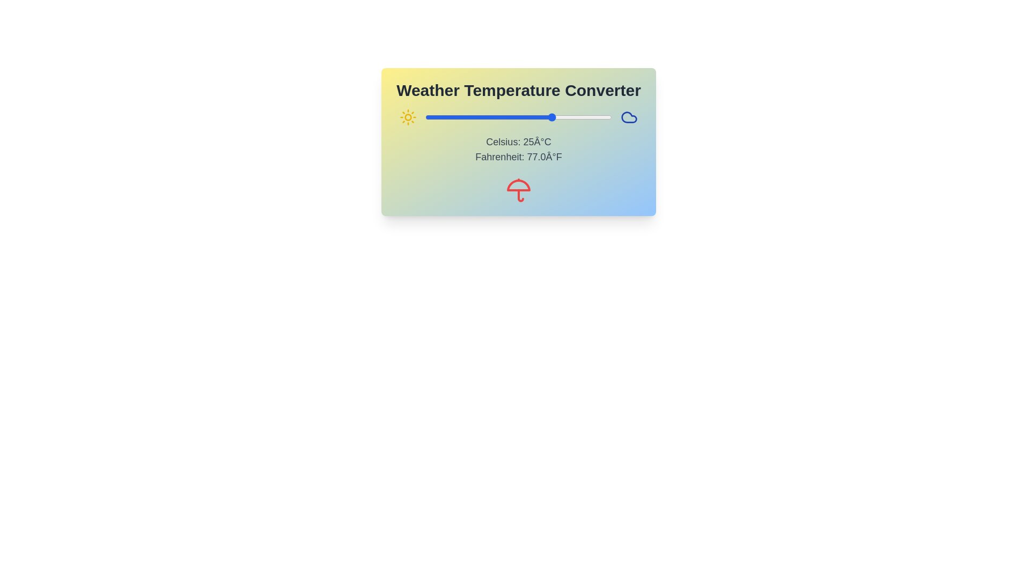 The width and height of the screenshot is (1030, 579). What do you see at coordinates (593, 117) in the screenshot?
I see `the temperature slider to set the Celsius value to 42` at bounding box center [593, 117].